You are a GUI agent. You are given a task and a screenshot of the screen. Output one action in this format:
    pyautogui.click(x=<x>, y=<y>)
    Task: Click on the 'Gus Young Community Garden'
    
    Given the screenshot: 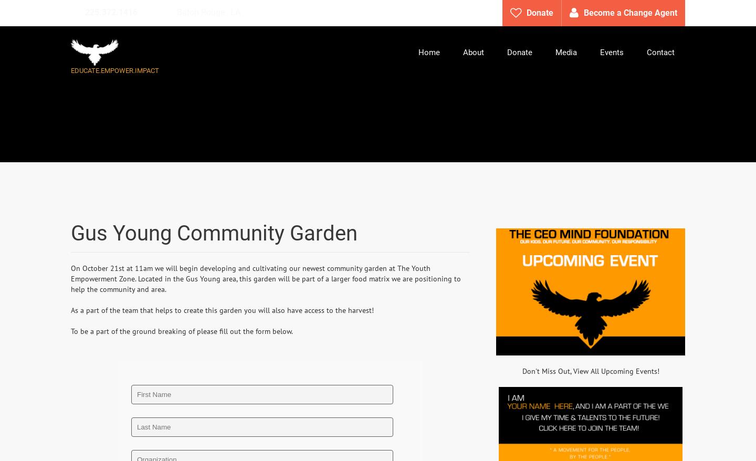 What is the action you would take?
    pyautogui.click(x=213, y=233)
    